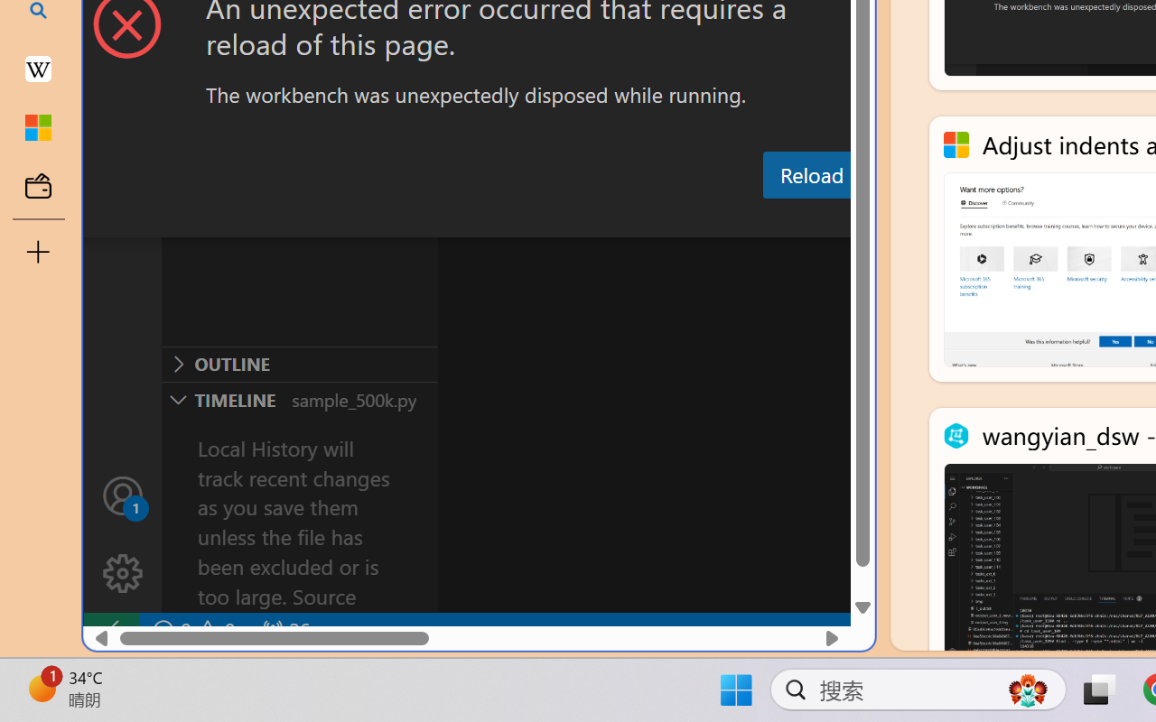 The height and width of the screenshot is (722, 1156). Describe the element at coordinates (121, 533) in the screenshot. I see `'Manage'` at that location.